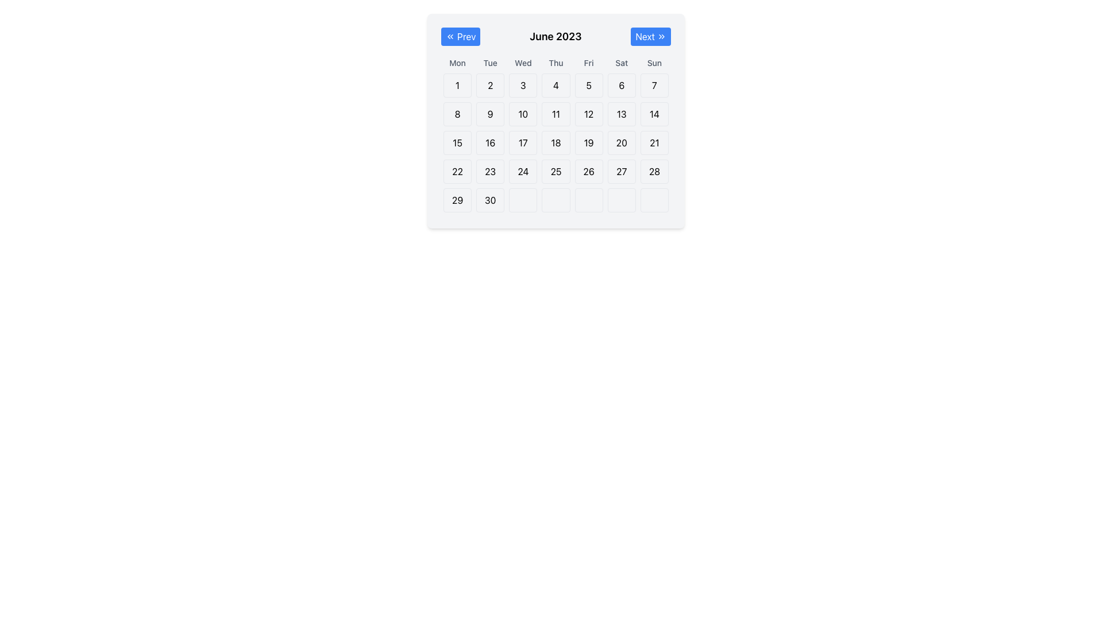  I want to click on the clickable calendar day item representing the number 26, which is the fifth item in a grid of seven columns within the calendar interface, so click(589, 172).